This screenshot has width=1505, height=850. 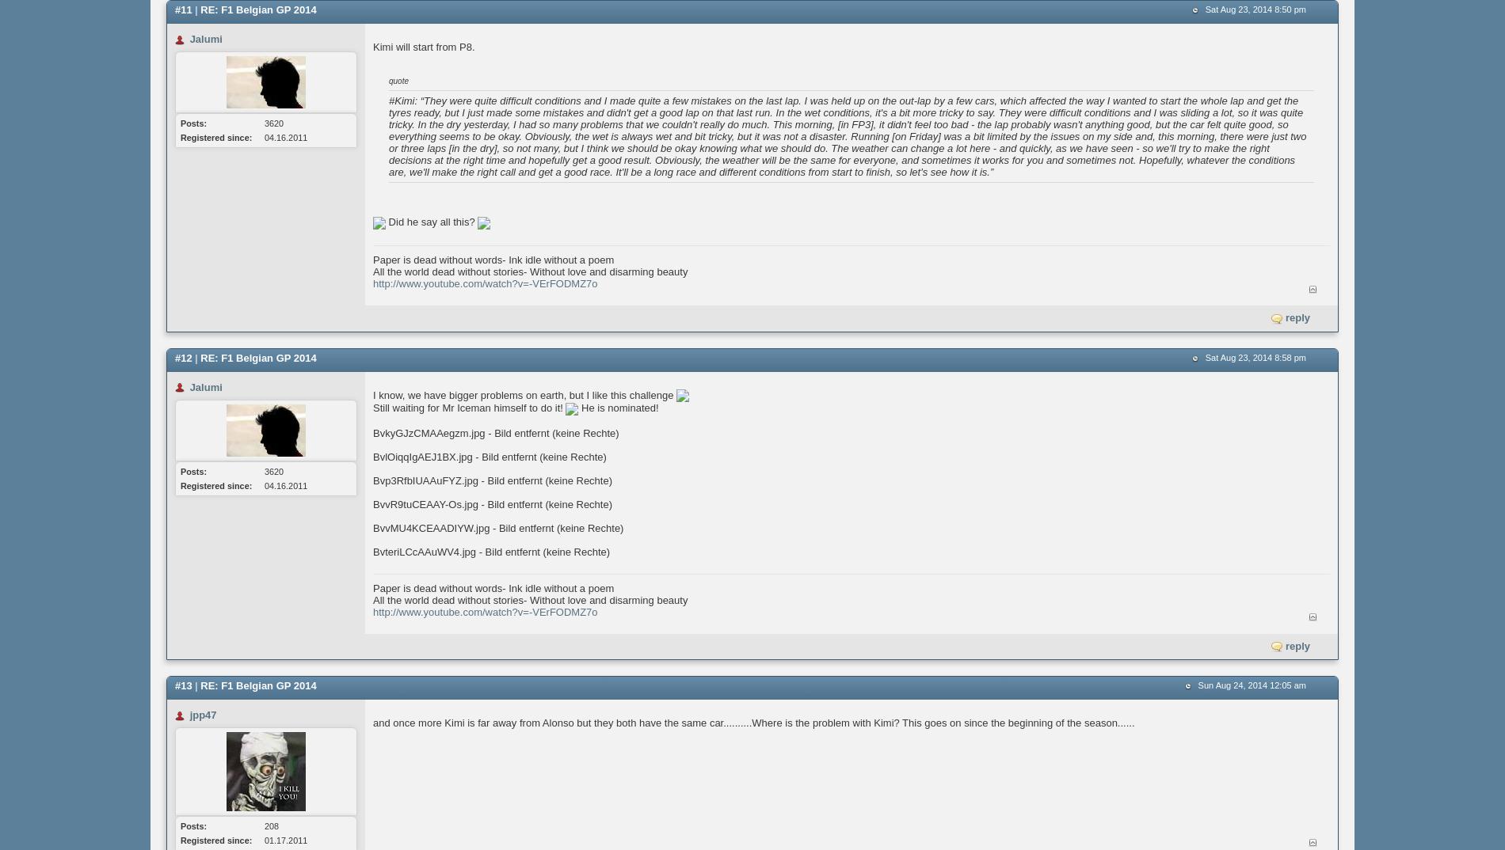 I want to click on 'He is nominated!', so click(x=577, y=408).